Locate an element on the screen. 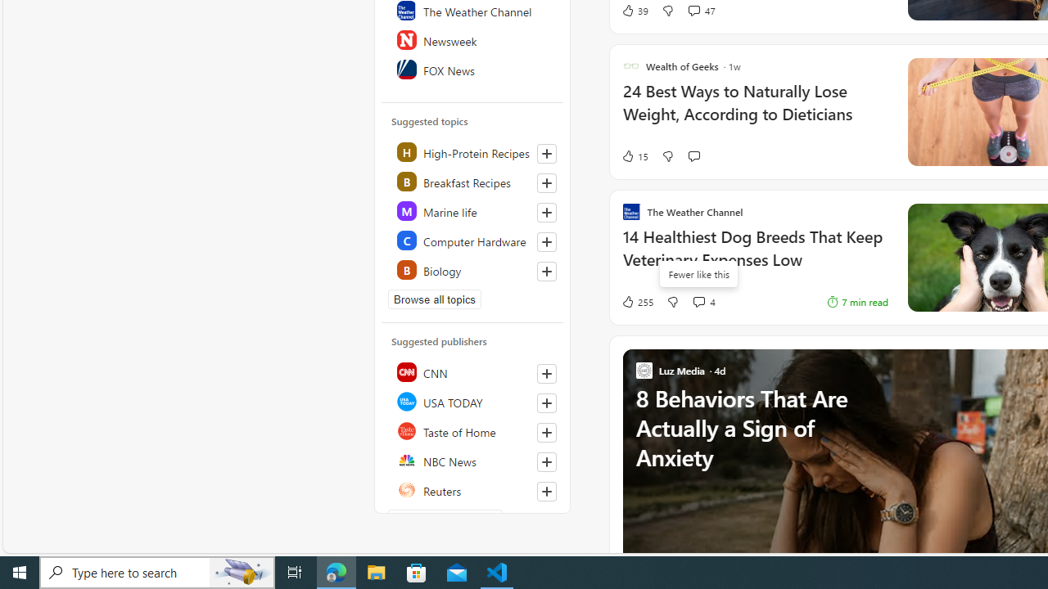 Image resolution: width=1048 pixels, height=589 pixels. 'CNN' is located at coordinates (472, 372).